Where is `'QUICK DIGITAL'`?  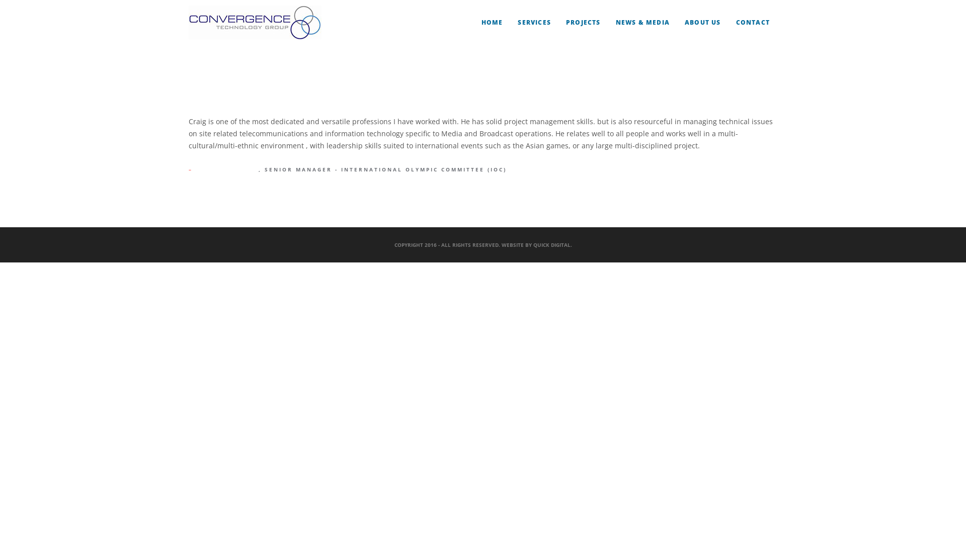
'QUICK DIGITAL' is located at coordinates (551, 244).